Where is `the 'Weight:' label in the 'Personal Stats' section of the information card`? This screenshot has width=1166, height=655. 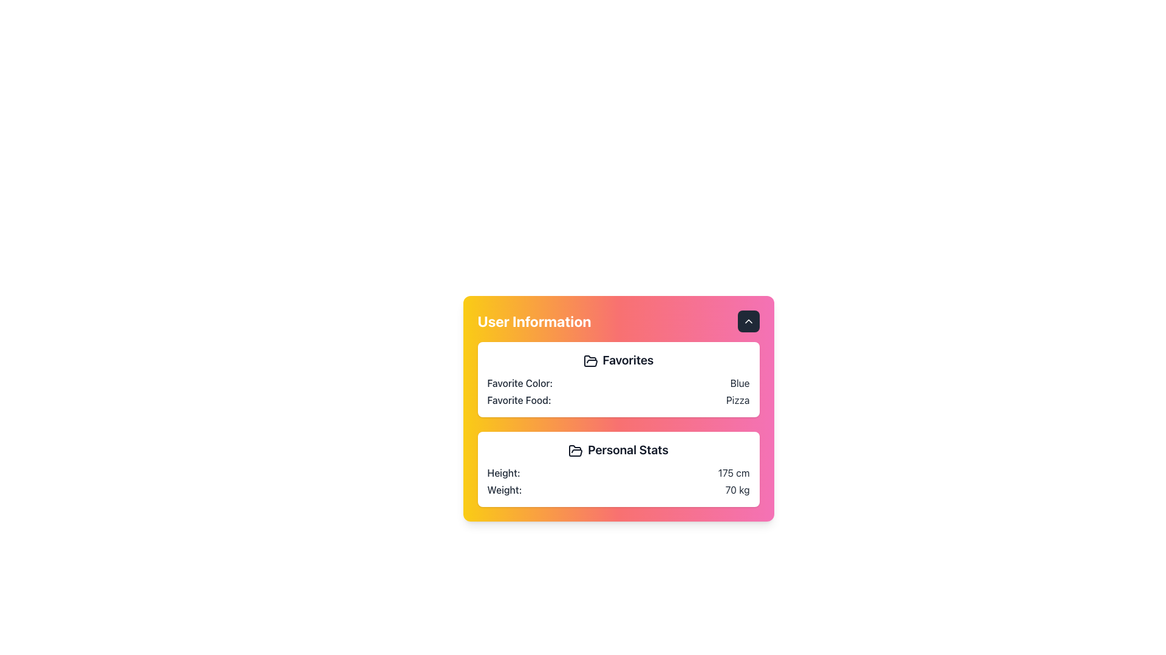
the 'Weight:' label in the 'Personal Stats' section of the information card is located at coordinates (504, 489).